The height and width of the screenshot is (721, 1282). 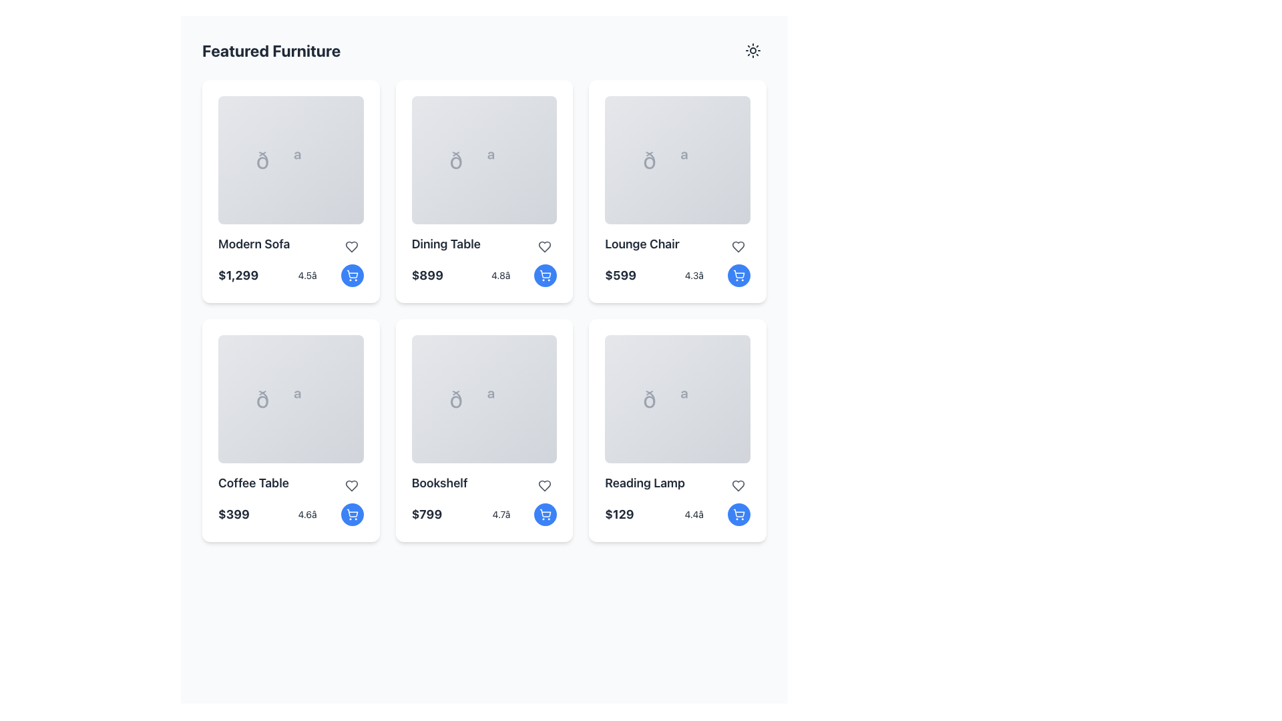 I want to click on the shopping cart icon located inside the button at the bottom-right corner of the 'Lounge Chair' card, so click(x=738, y=273).